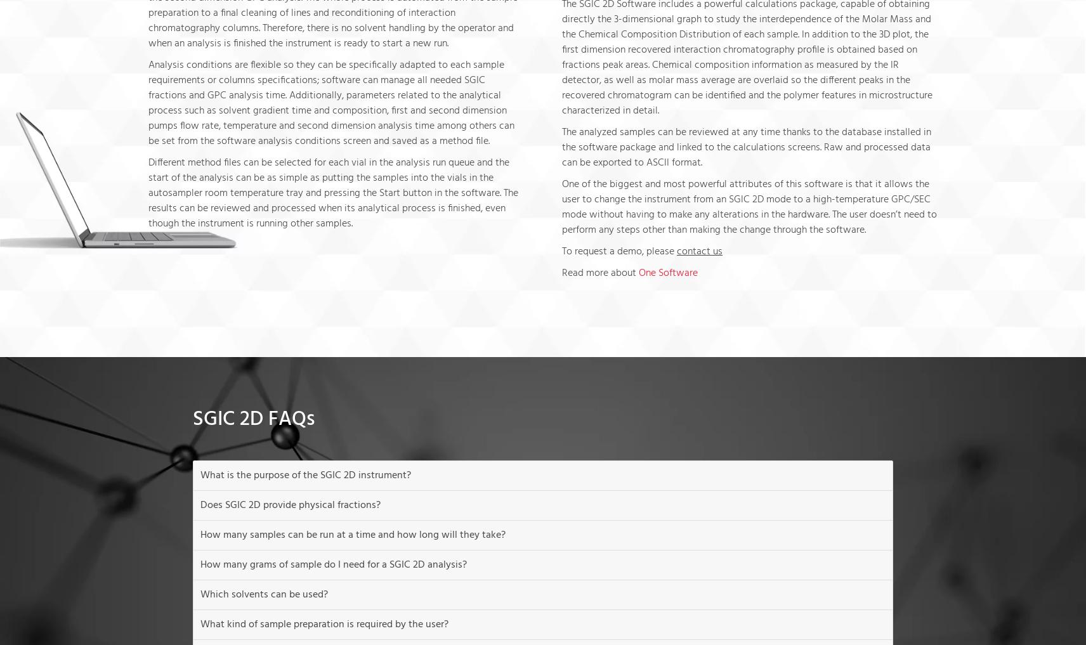 This screenshot has width=1086, height=645. What do you see at coordinates (700, 251) in the screenshot?
I see `'contact us'` at bounding box center [700, 251].